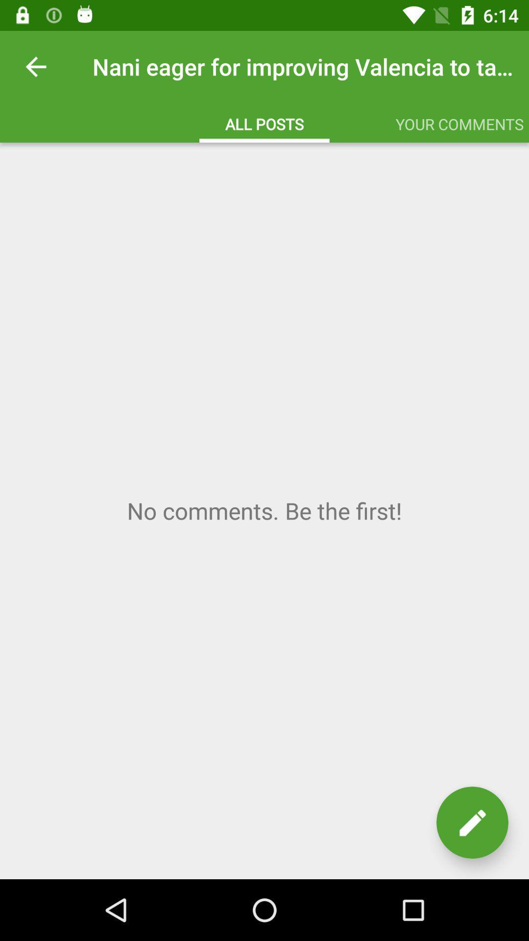 The height and width of the screenshot is (941, 529). What do you see at coordinates (35, 66) in the screenshot?
I see `icon next to nani eager for icon` at bounding box center [35, 66].